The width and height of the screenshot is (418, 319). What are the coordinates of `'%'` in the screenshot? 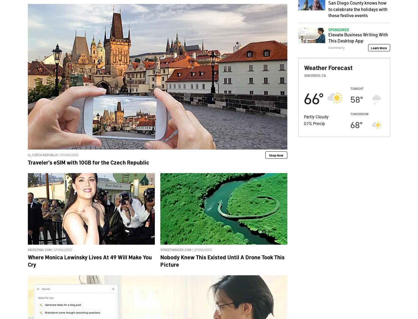 It's located at (308, 123).